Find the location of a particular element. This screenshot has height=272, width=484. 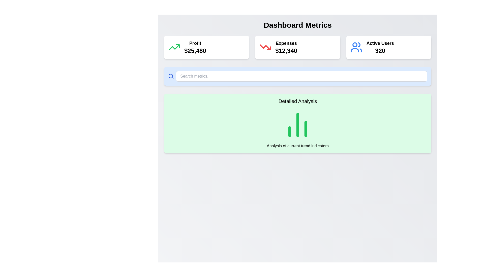

the Informational card displaying the current number of active users in the dashboard interface is located at coordinates (388, 47).